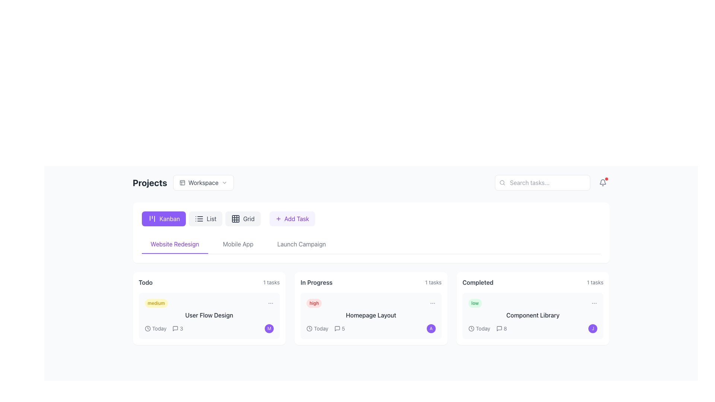 Image resolution: width=715 pixels, height=402 pixels. What do you see at coordinates (199, 218) in the screenshot?
I see `the list view icon consisting of three horizontal lines, located within the 'List' button in the view selection toolbar at the top-center of the interface` at bounding box center [199, 218].